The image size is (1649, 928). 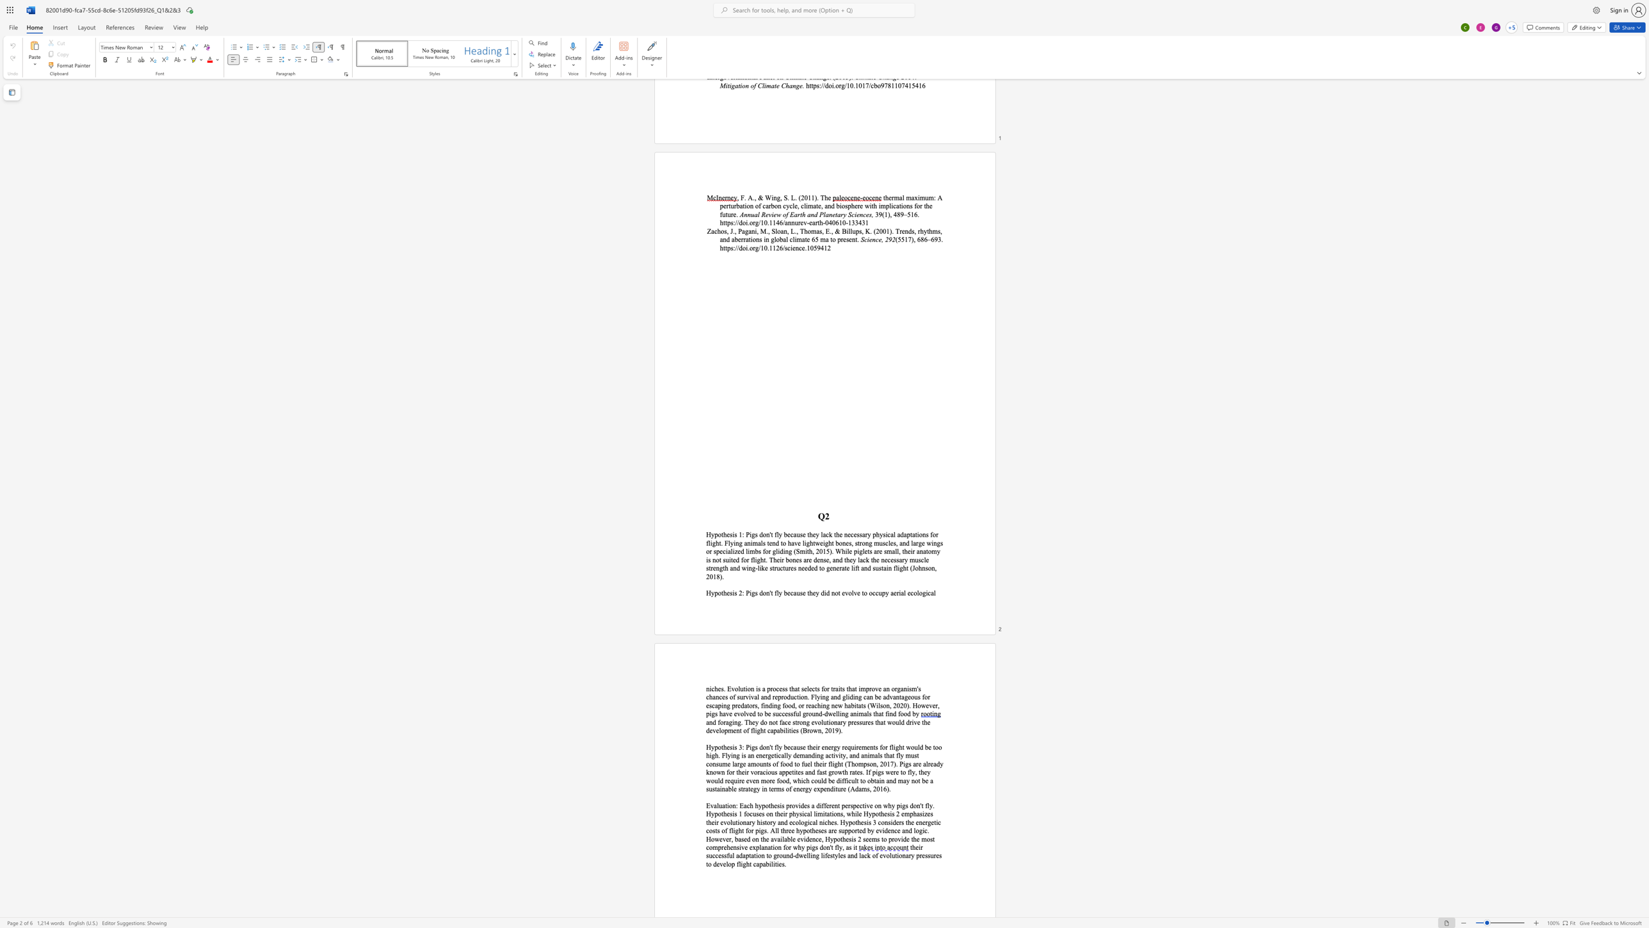 What do you see at coordinates (783, 805) in the screenshot?
I see `the 2th character "s" in the text` at bounding box center [783, 805].